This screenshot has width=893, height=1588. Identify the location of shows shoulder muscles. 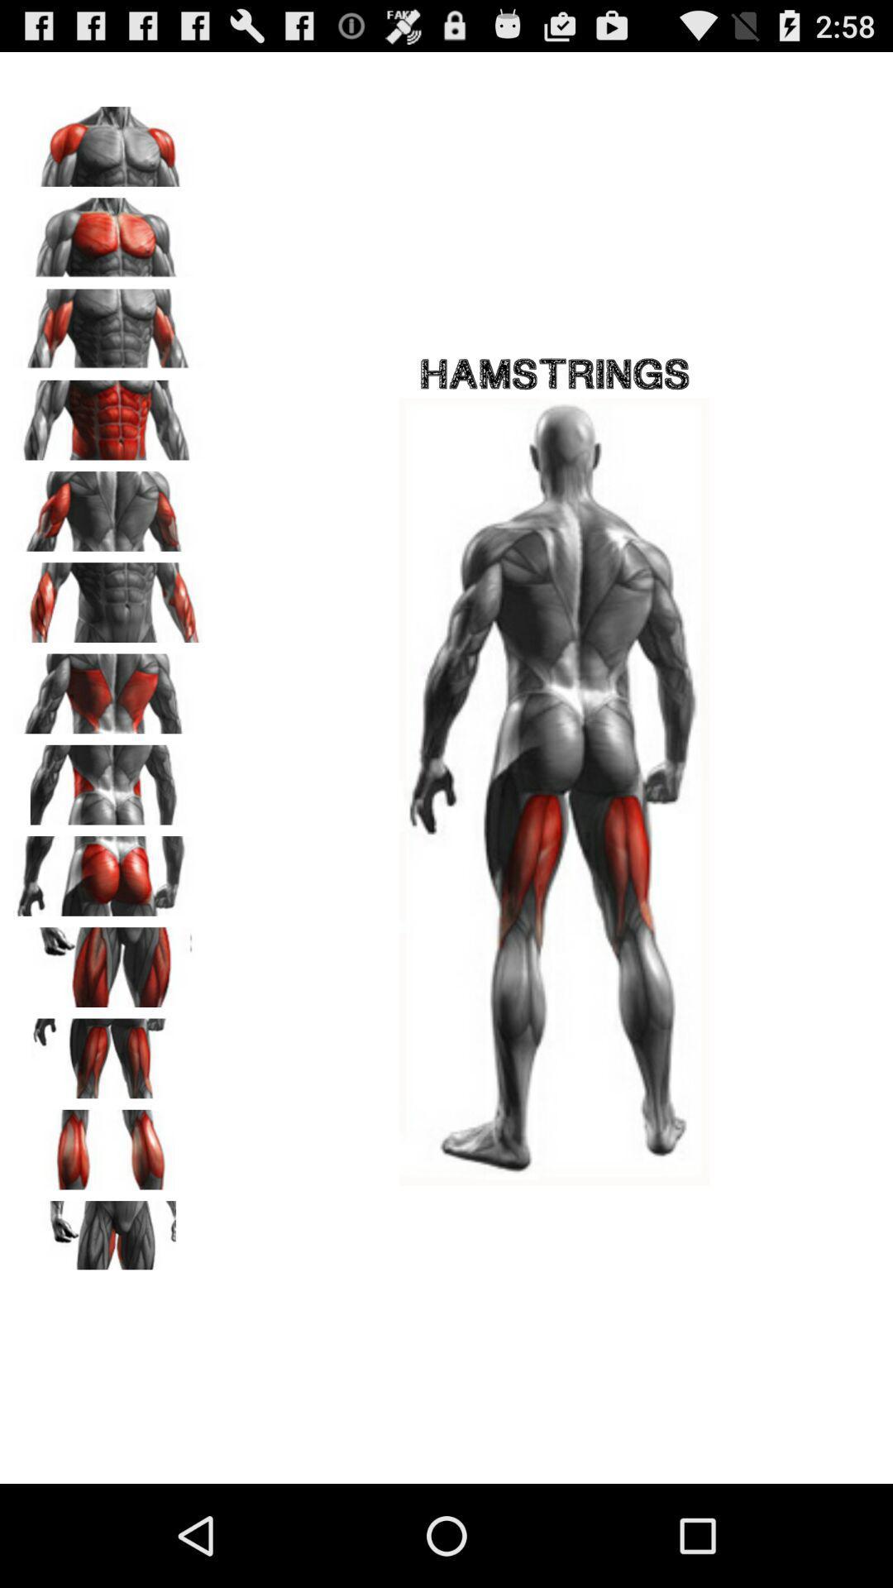
(108, 141).